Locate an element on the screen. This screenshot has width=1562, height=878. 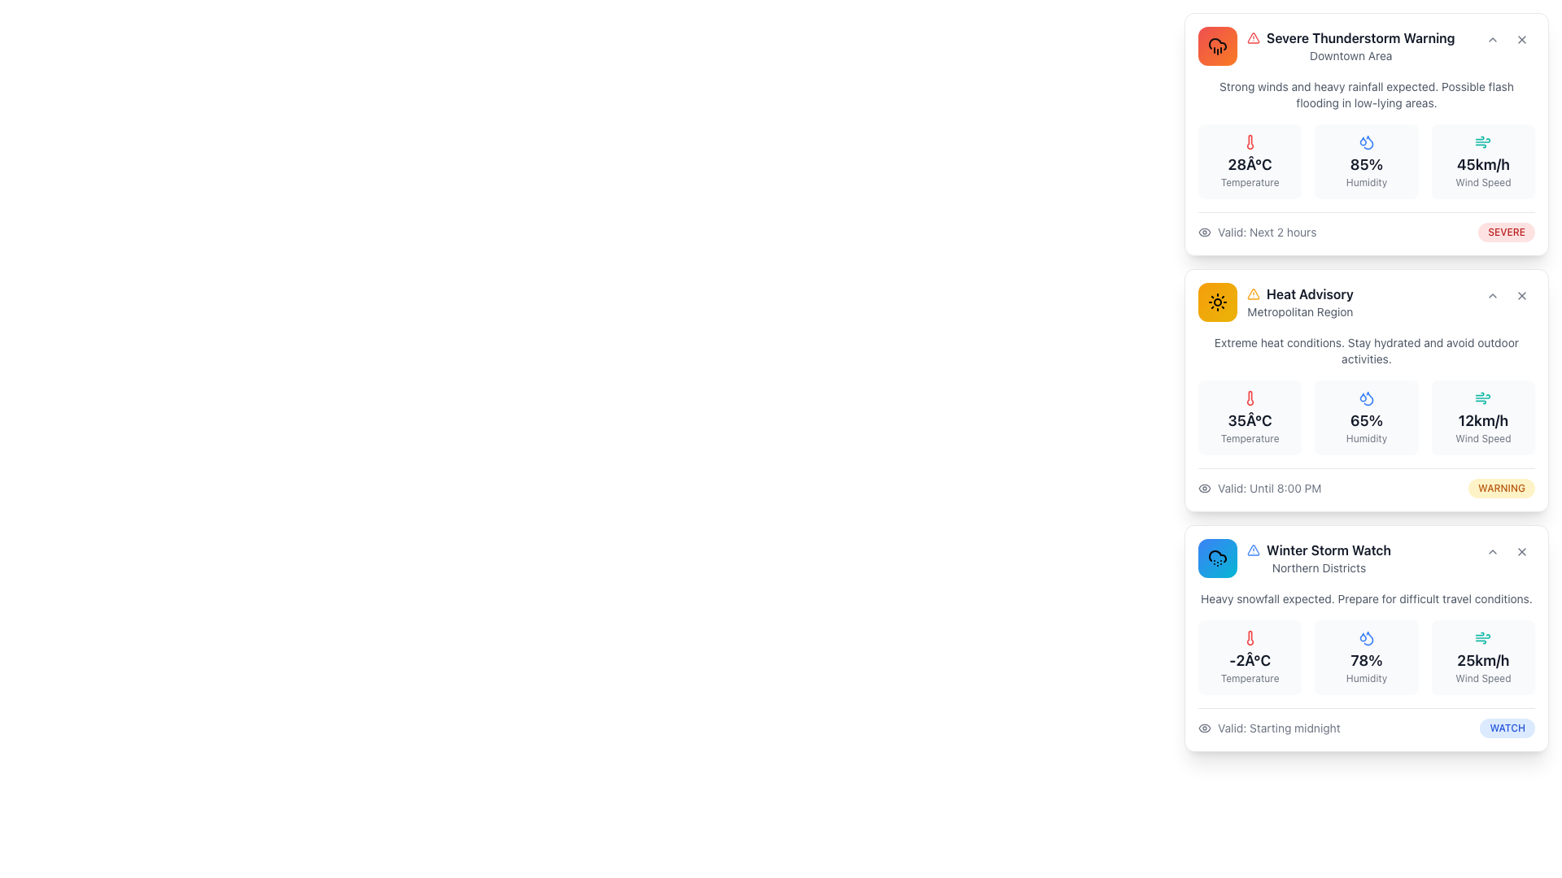
the 'Winter Storm Watch' card, which is the third card in a vertical stack of weather information cards is located at coordinates (1367, 637).